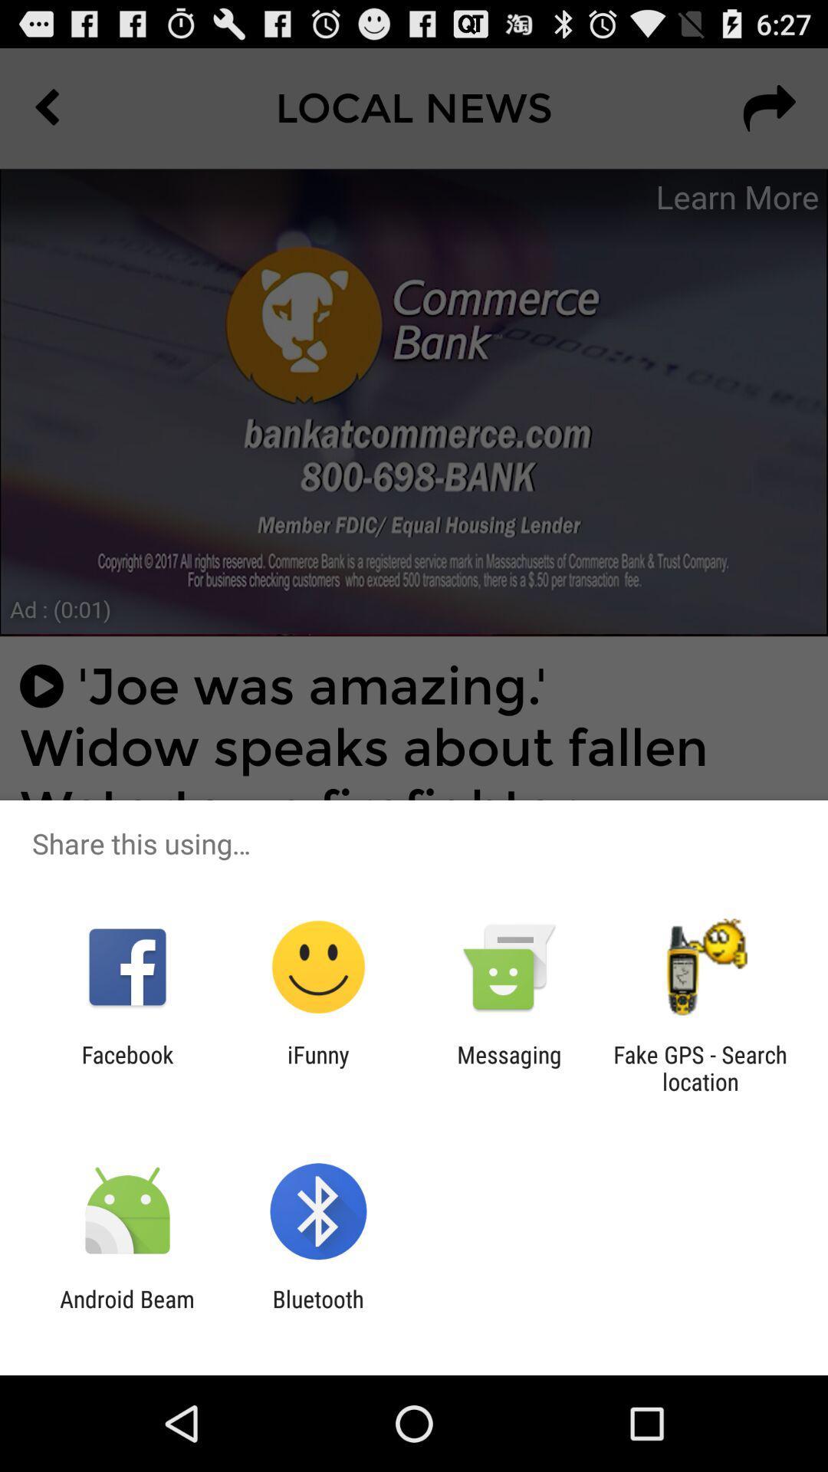  I want to click on item to the right of the messaging item, so click(700, 1067).